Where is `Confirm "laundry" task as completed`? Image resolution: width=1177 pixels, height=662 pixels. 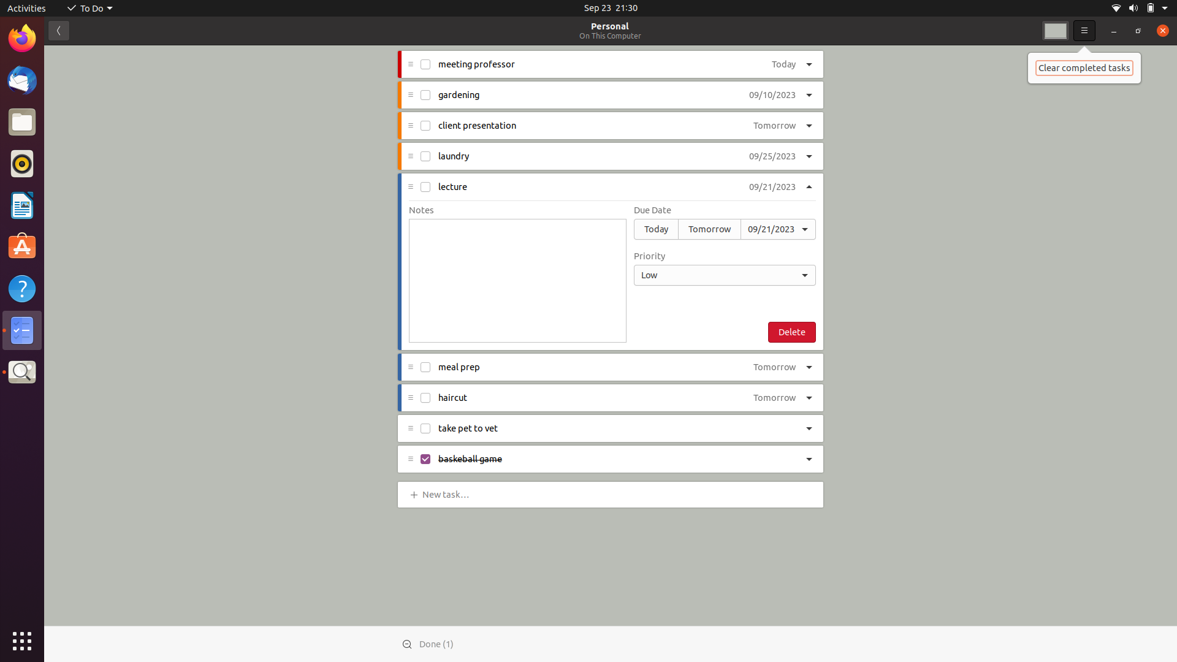
Confirm "laundry" task as completed is located at coordinates (426, 155).